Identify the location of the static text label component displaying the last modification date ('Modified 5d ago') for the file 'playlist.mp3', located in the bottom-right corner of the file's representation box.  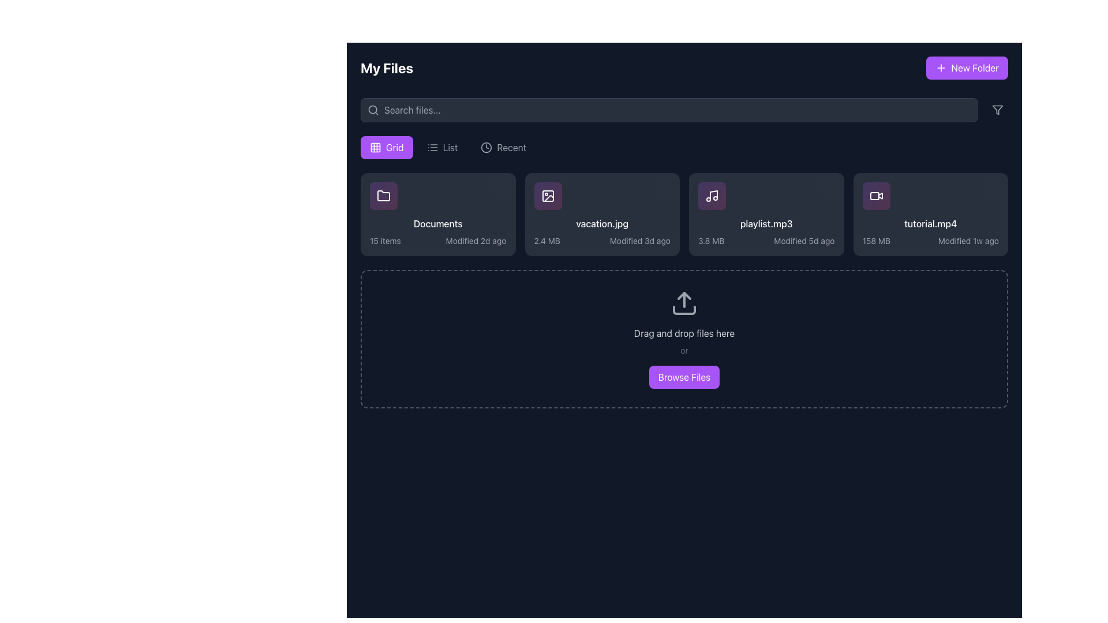
(803, 240).